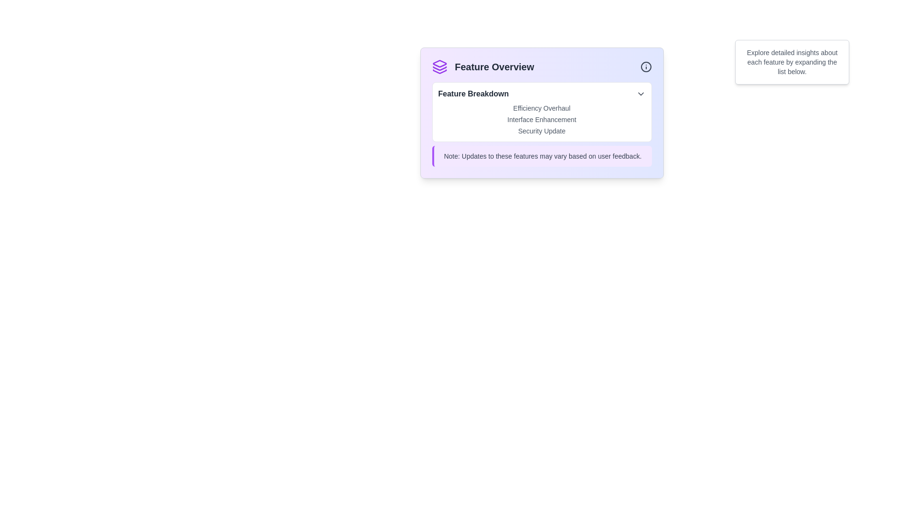  What do you see at coordinates (646, 66) in the screenshot?
I see `the circular 'info' icon located at the top-right corner of the 'Feature Overview' card` at bounding box center [646, 66].